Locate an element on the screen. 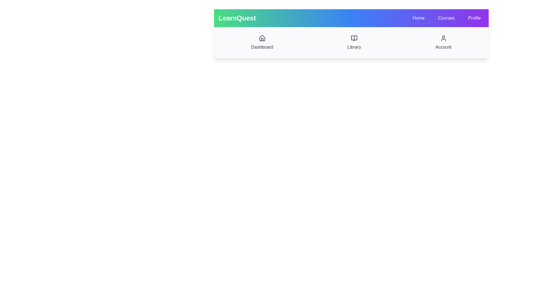 This screenshot has width=538, height=302. the Profile to observe its hover effect is located at coordinates (474, 18).